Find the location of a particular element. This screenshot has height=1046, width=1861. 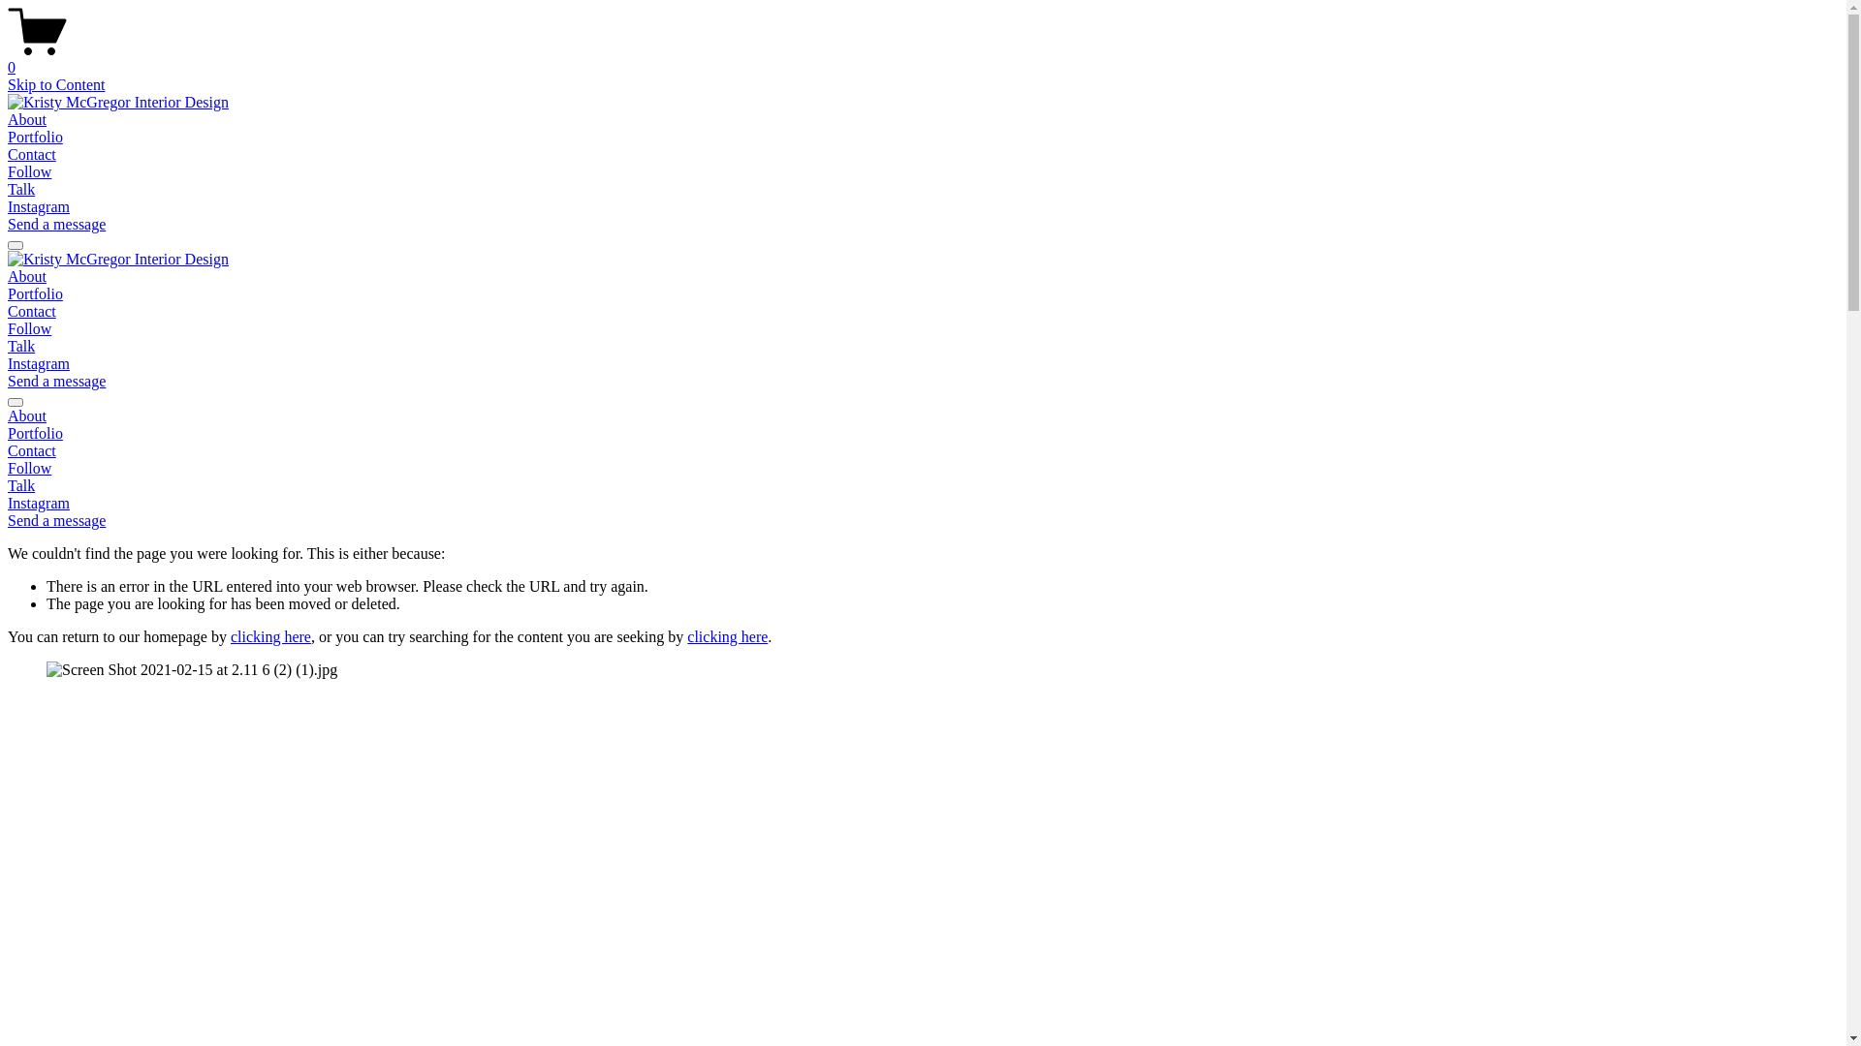

'Contact' is located at coordinates (32, 310).